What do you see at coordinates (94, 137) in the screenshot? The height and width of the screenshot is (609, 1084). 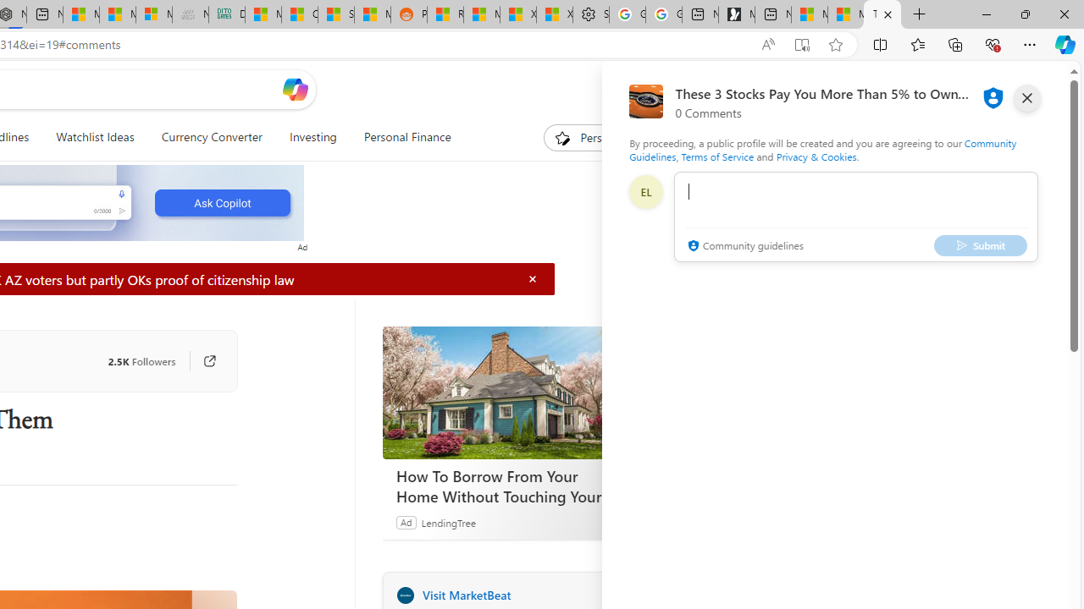 I see `'Watchlist Ideas'` at bounding box center [94, 137].